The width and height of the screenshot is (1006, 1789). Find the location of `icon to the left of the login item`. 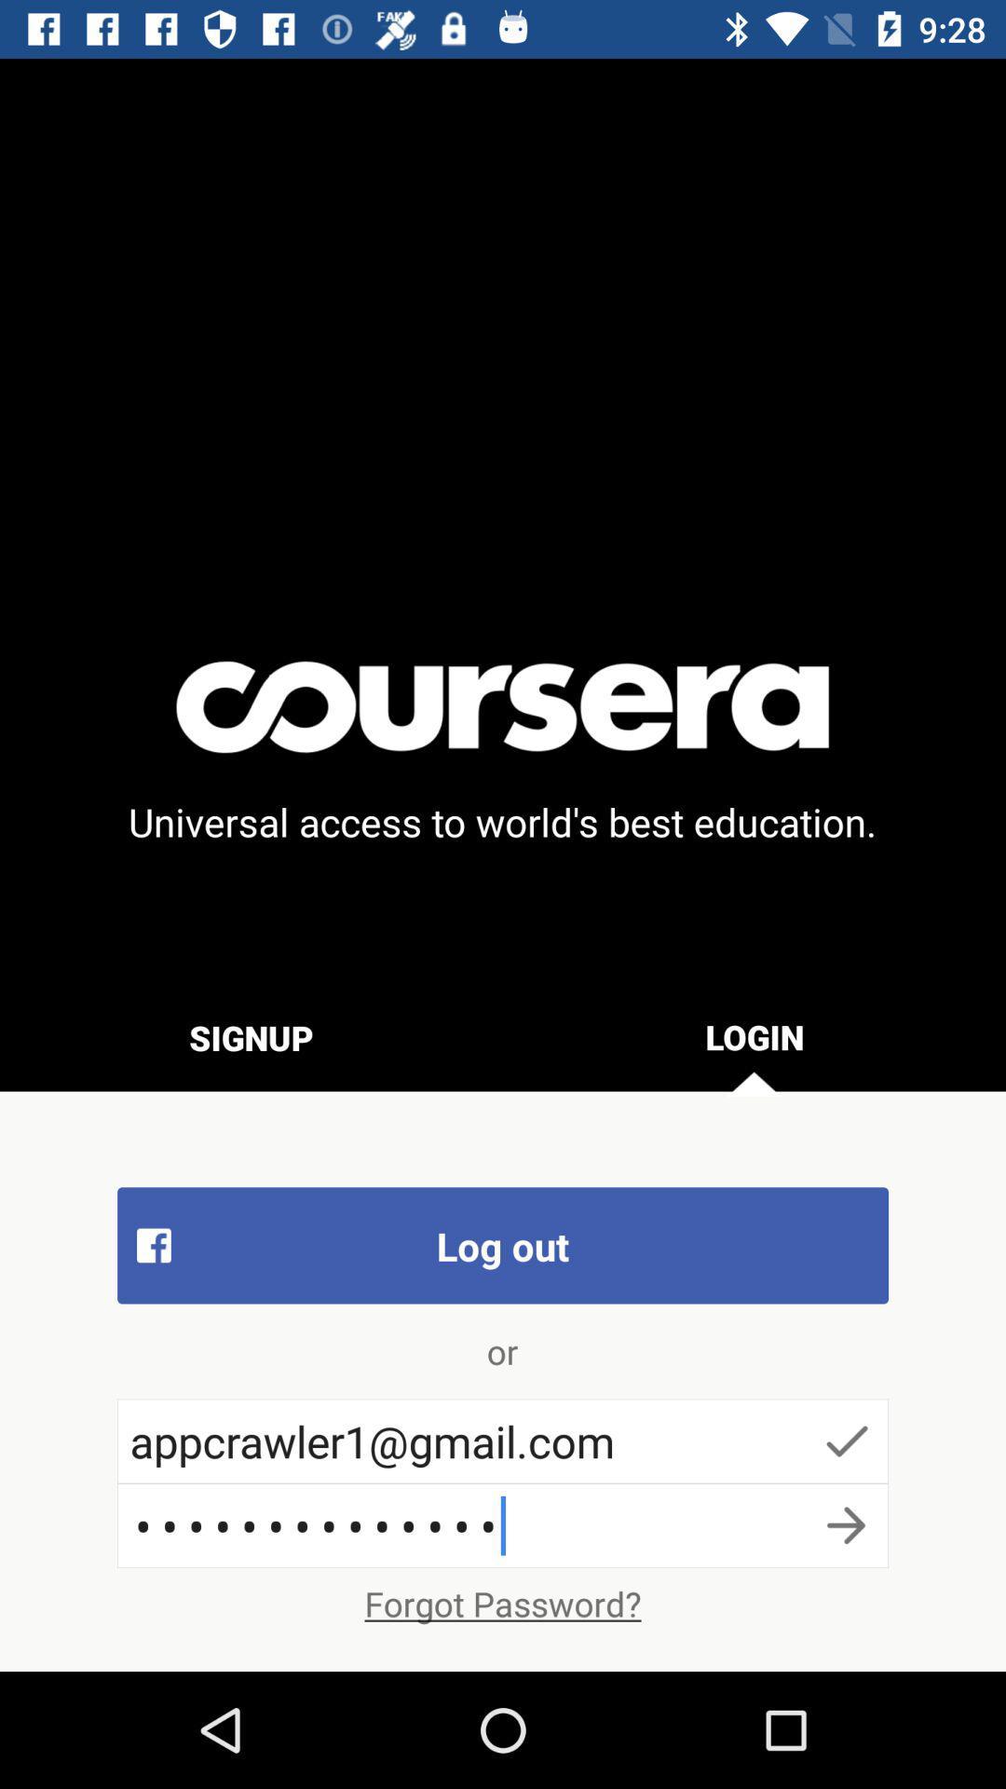

icon to the left of the login item is located at coordinates (251, 1036).